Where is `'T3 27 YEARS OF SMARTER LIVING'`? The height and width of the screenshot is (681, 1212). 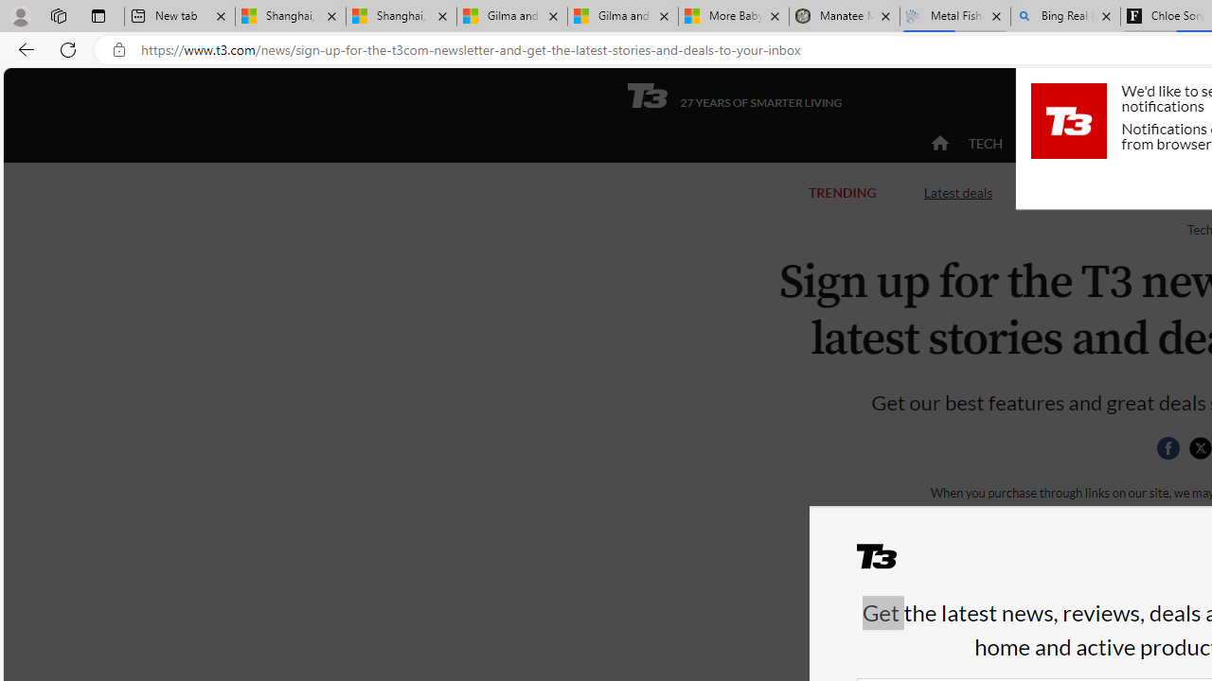 'T3 27 YEARS OF SMARTER LIVING' is located at coordinates (733, 96).